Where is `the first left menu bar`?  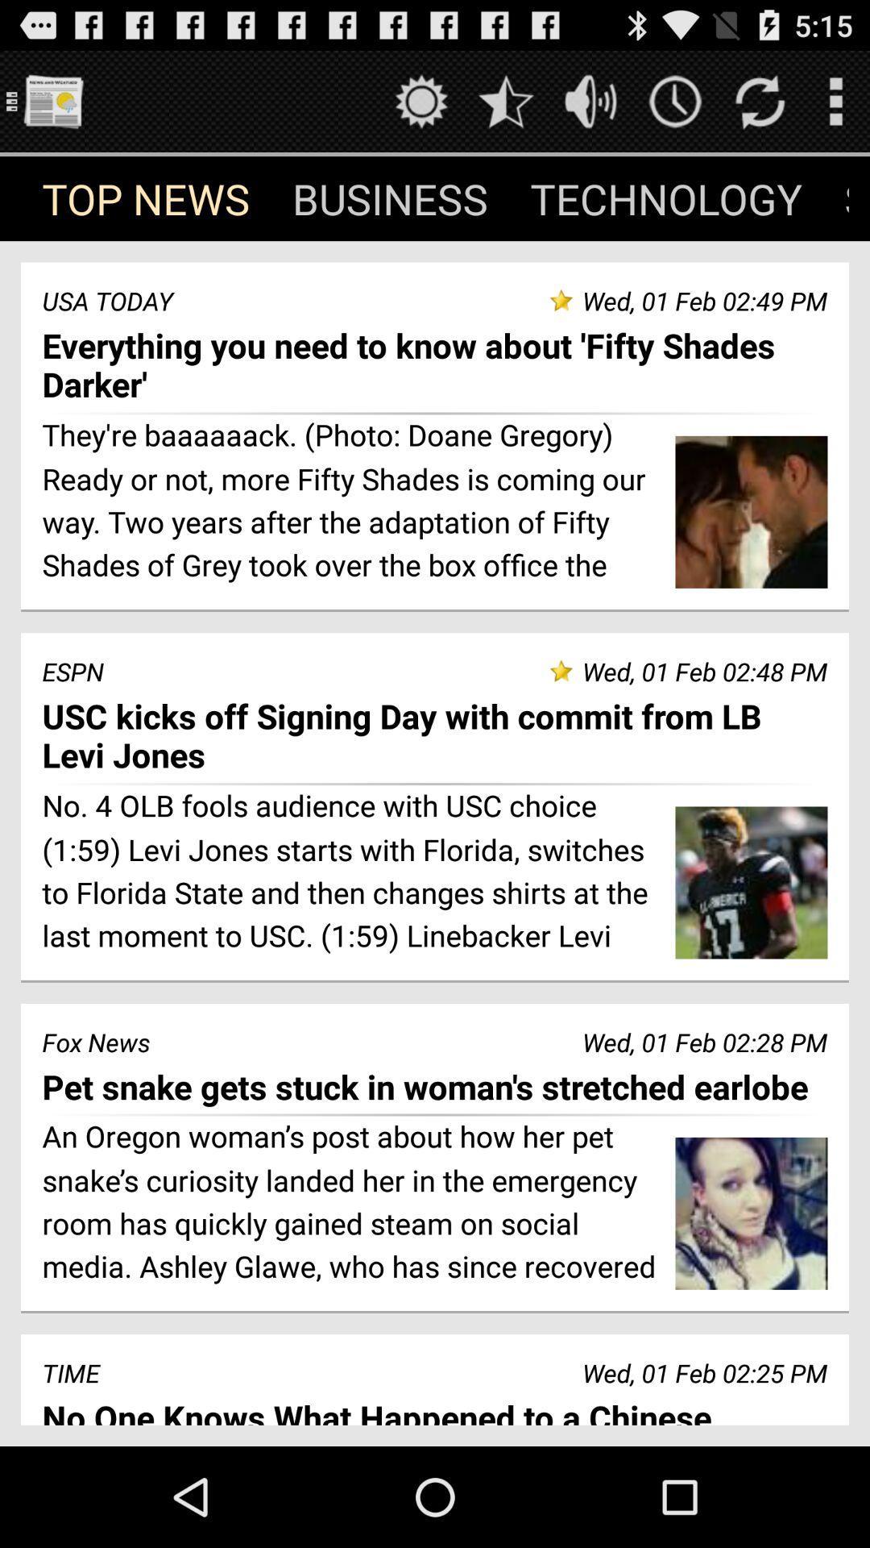 the first left menu bar is located at coordinates (146, 198).